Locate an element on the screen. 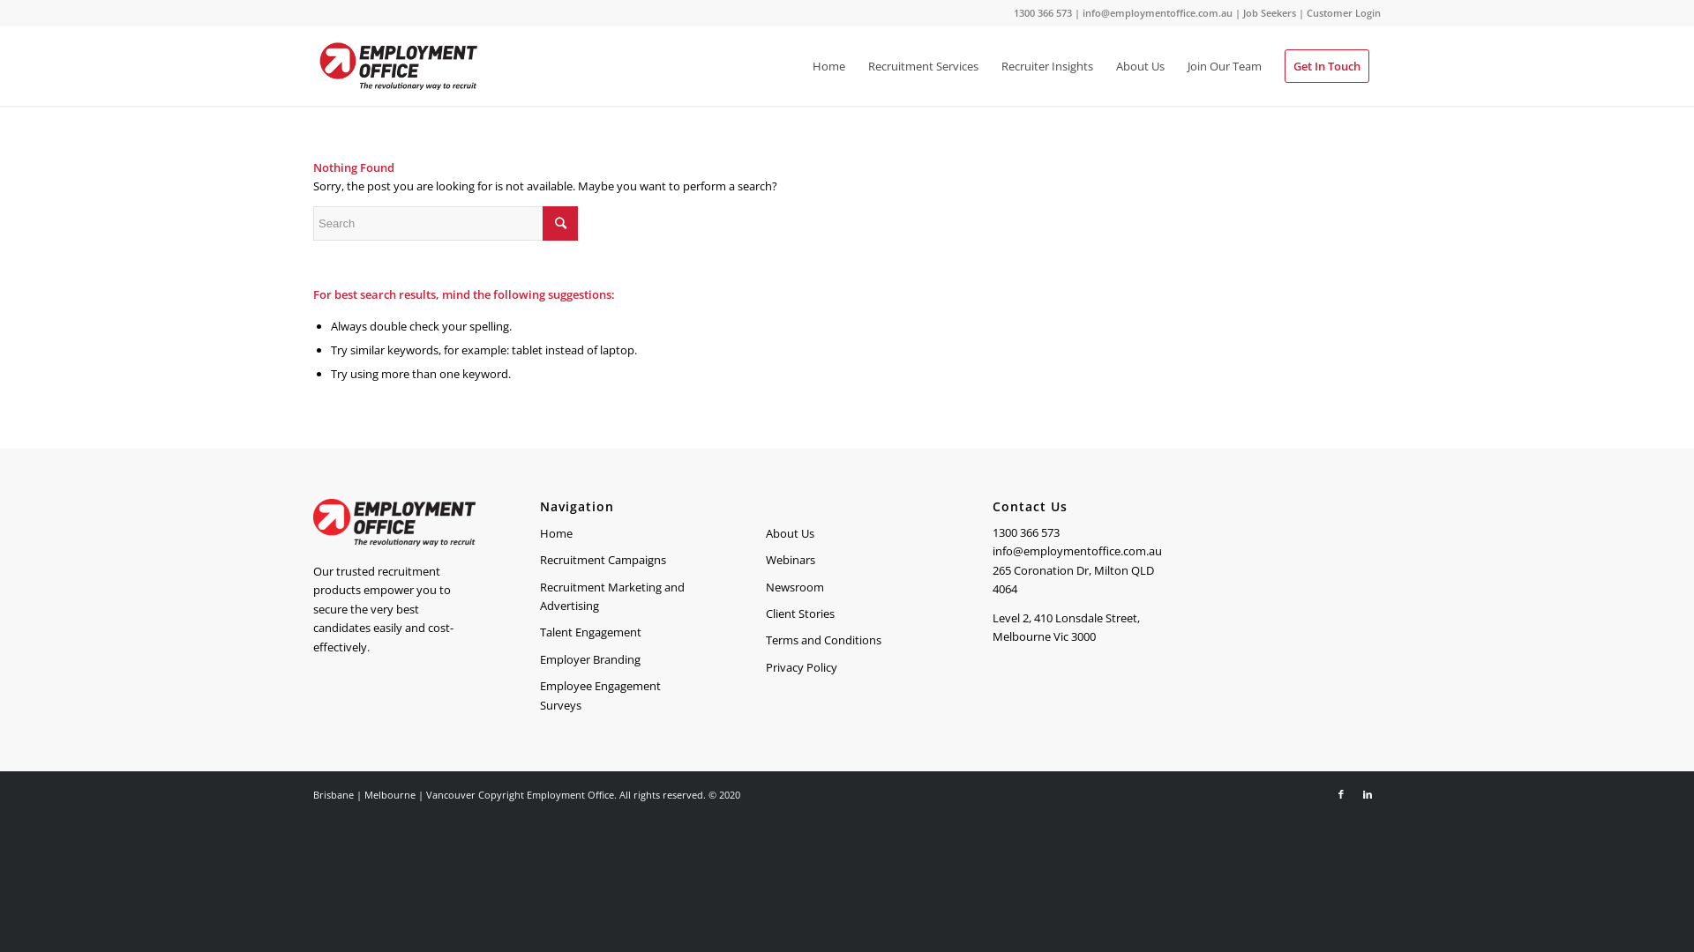 Image resolution: width=1694 pixels, height=952 pixels. 'Get In Touch' is located at coordinates (1326, 64).